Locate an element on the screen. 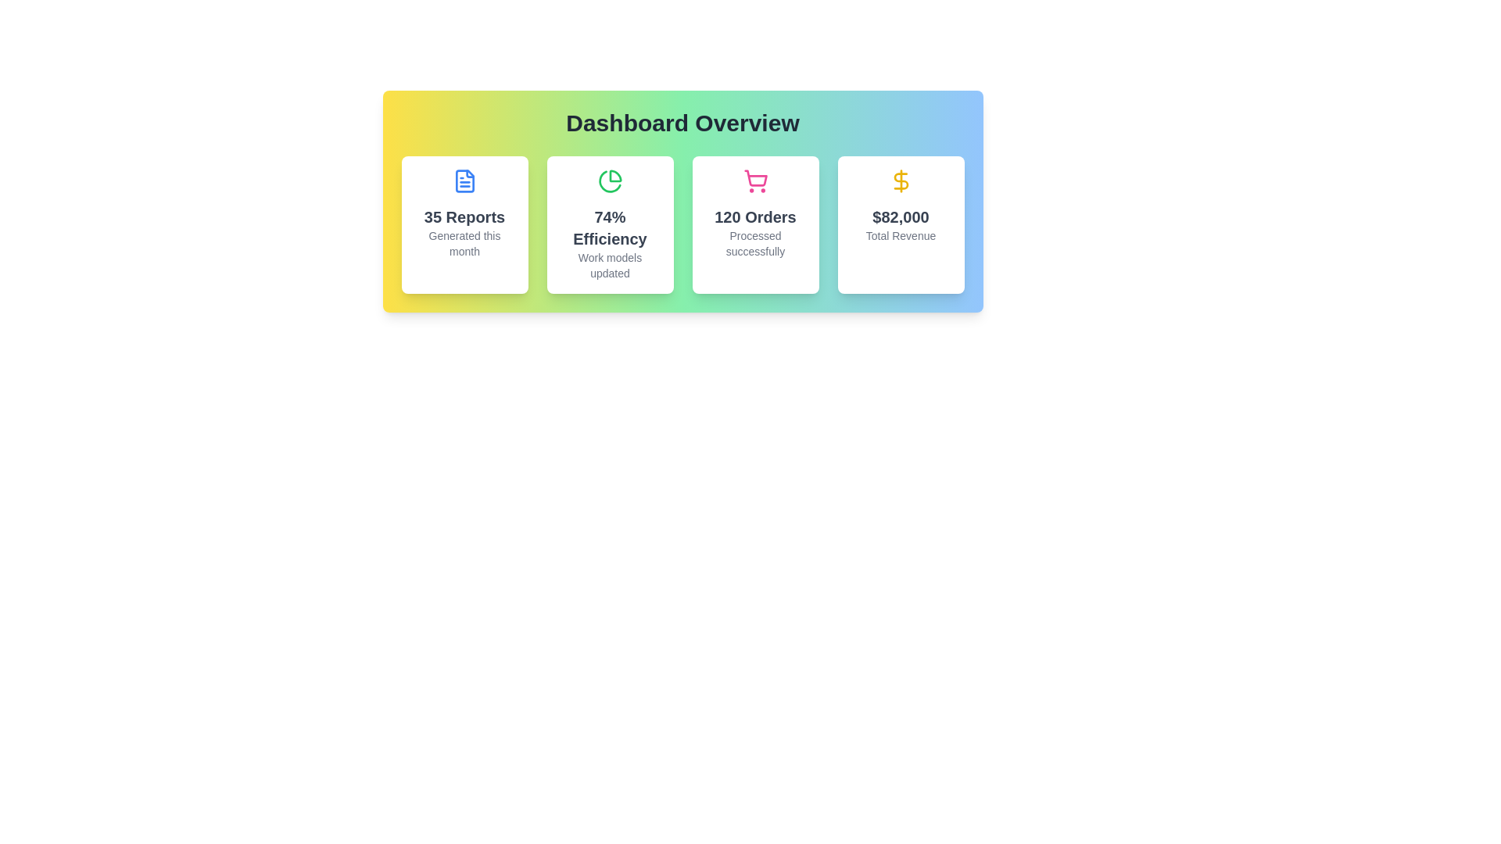 This screenshot has width=1501, height=844. the text label reading 'Generated this month' located underneath the headline '35 Reports' in the leftmost card panel is located at coordinates (464, 244).